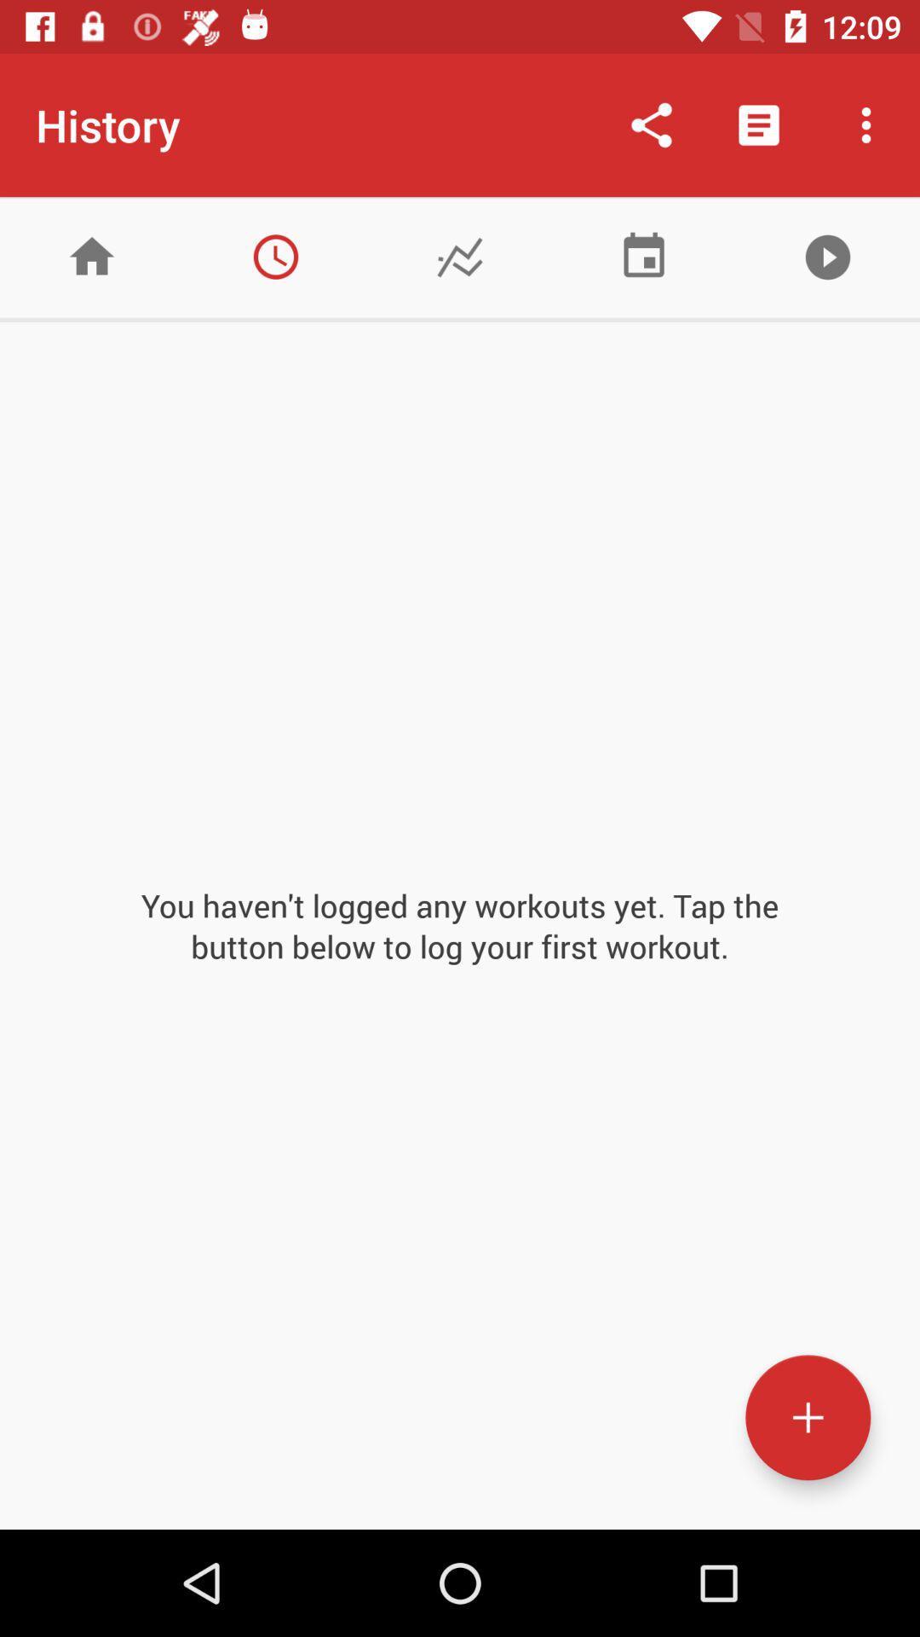  Describe the element at coordinates (827, 256) in the screenshot. I see `content` at that location.